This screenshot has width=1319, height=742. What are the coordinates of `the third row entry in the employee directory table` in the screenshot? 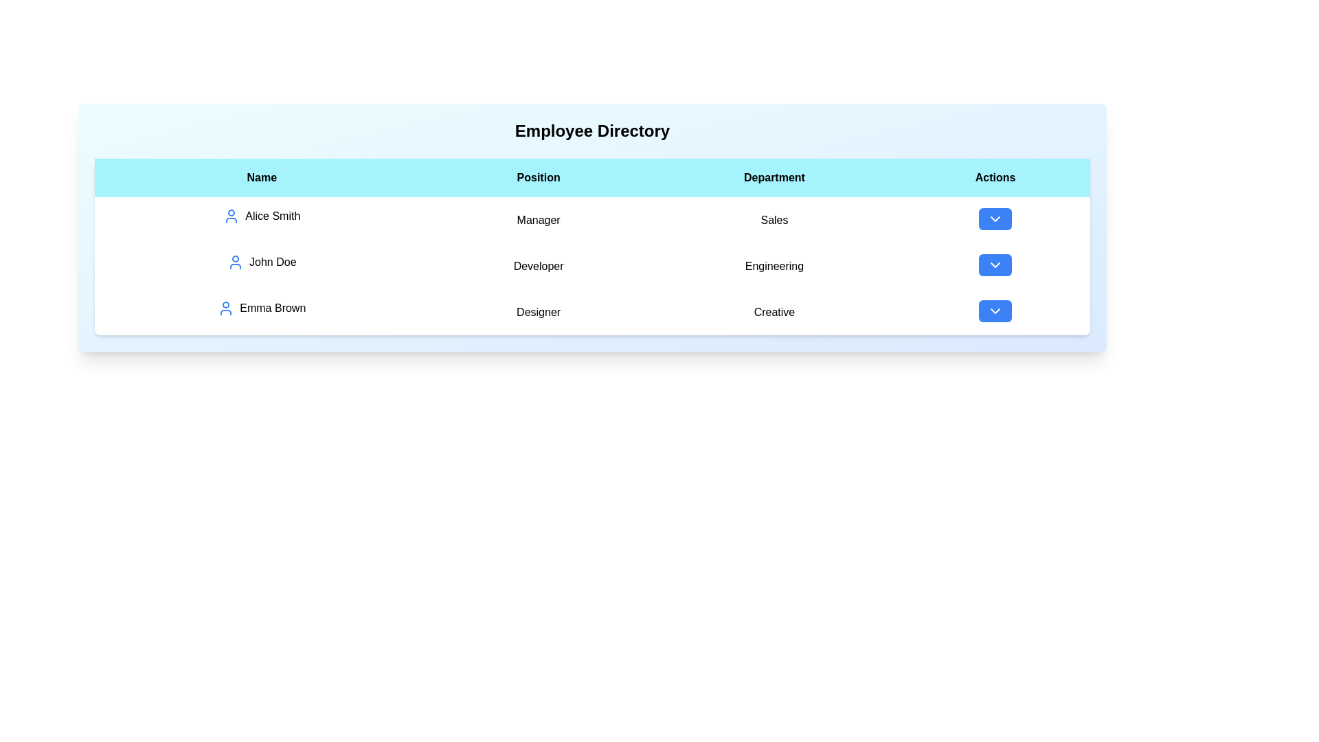 It's located at (592, 312).